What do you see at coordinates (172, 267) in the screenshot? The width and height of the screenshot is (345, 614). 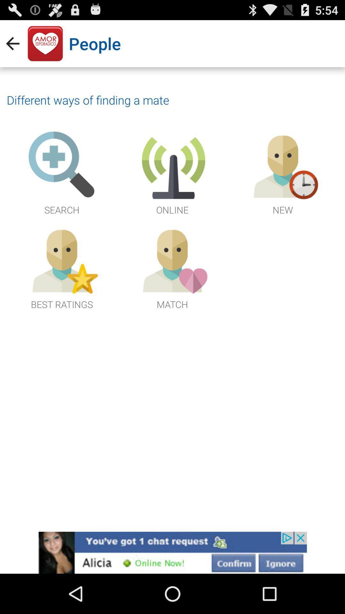 I see `match with others` at bounding box center [172, 267].